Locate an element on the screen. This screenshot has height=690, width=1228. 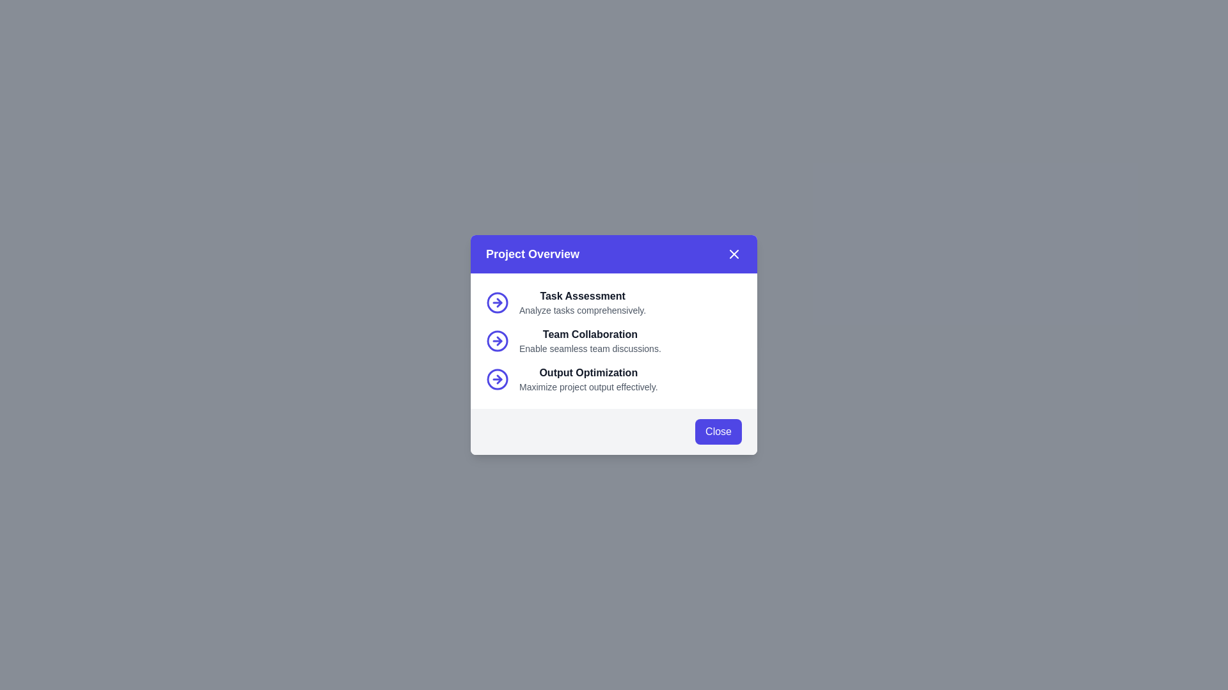
the 'Close' button with a vibrant indigo background and white text located at the bottom-right corner of the 'Project Overview' modal is located at coordinates (718, 431).